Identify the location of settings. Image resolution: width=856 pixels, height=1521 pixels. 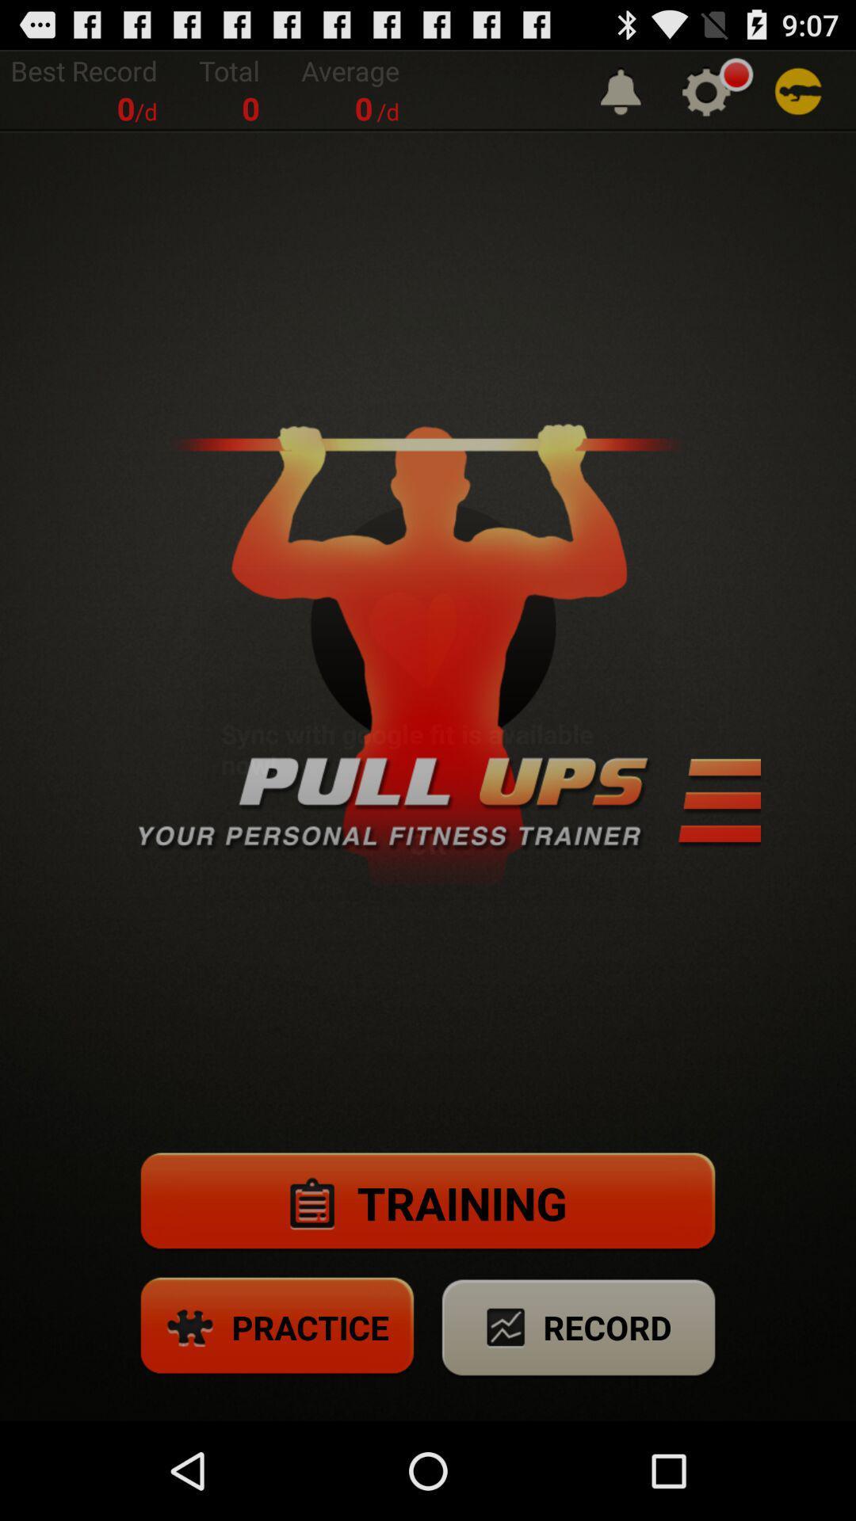
(705, 90).